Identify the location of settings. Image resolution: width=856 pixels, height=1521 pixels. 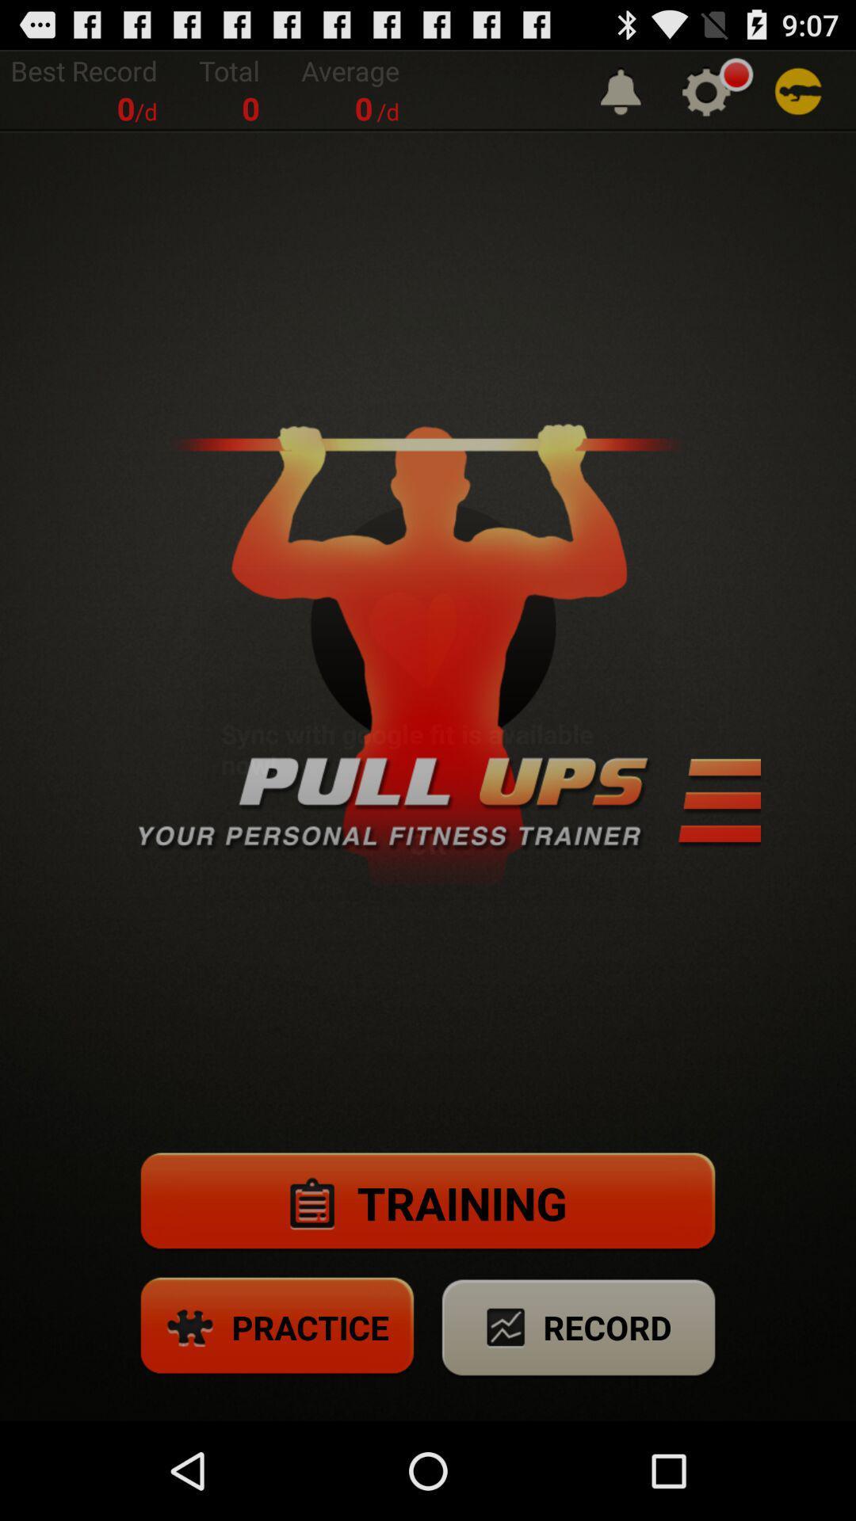
(705, 90).